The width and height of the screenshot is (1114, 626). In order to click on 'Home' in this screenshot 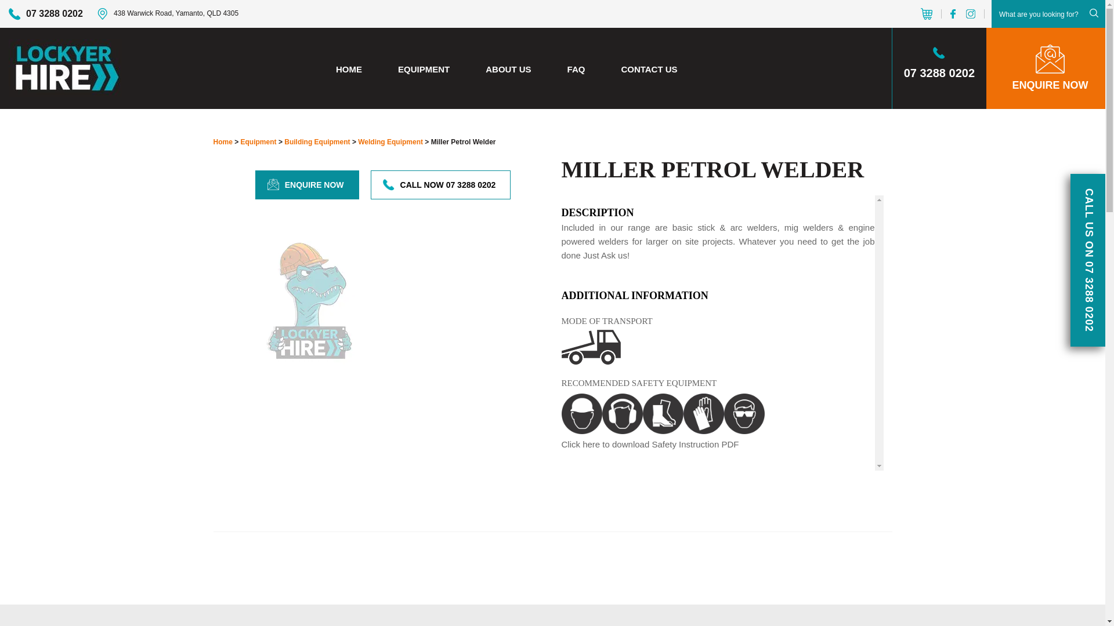, I will do `click(224, 141)`.